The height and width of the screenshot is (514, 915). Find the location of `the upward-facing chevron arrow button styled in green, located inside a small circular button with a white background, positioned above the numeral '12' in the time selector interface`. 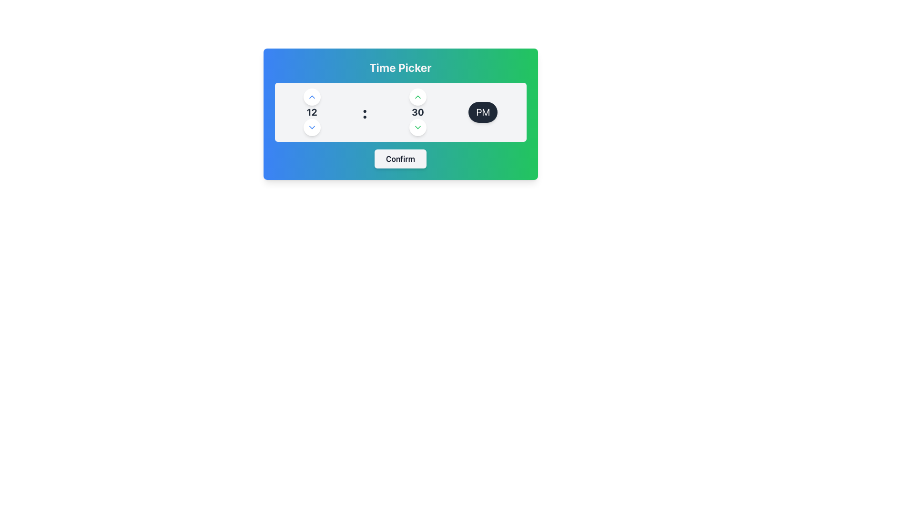

the upward-facing chevron arrow button styled in green, located inside a small circular button with a white background, positioned above the numeral '12' in the time selector interface is located at coordinates (417, 97).